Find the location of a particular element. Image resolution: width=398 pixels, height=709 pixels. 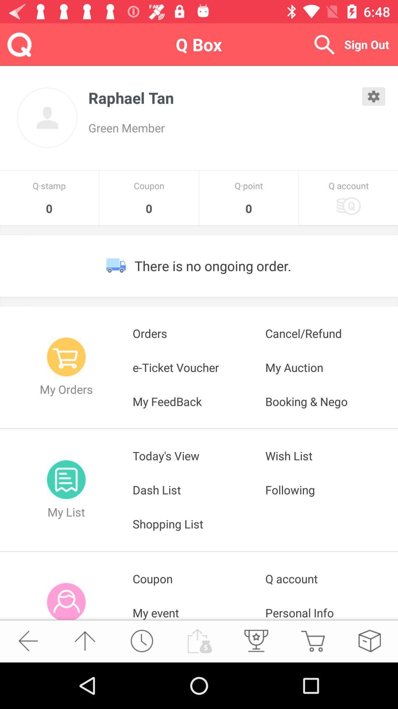

the app above green member icon is located at coordinates (225, 97).